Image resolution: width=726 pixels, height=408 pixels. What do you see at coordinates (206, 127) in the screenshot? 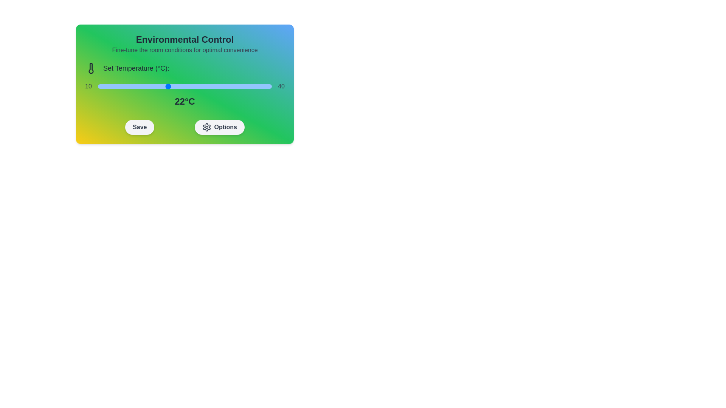
I see `the settings icon located to the left of the 'Options' button in the bottom-right corner of the card-like UI component` at bounding box center [206, 127].